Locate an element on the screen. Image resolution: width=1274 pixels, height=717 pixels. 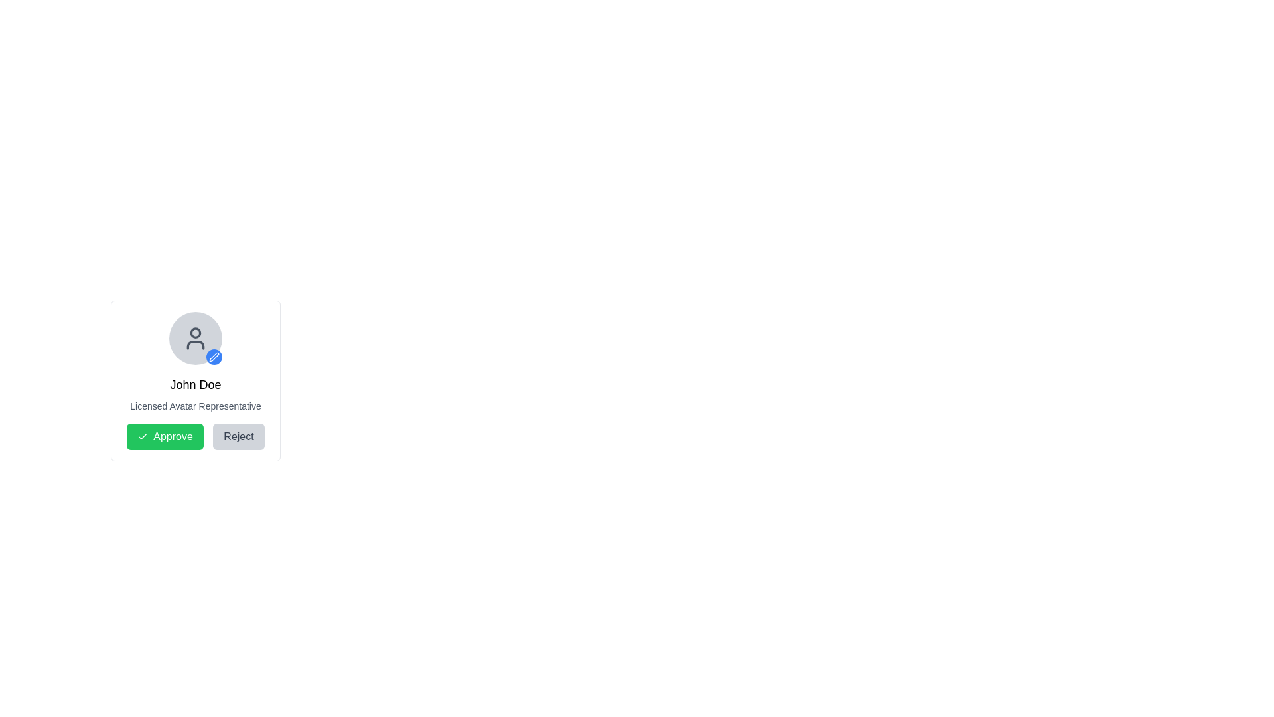
text content displayed in the Text Display element, which shows the title 'John Doe' and the subtitle 'Licensed Avatar Representative' is located at coordinates (194, 394).